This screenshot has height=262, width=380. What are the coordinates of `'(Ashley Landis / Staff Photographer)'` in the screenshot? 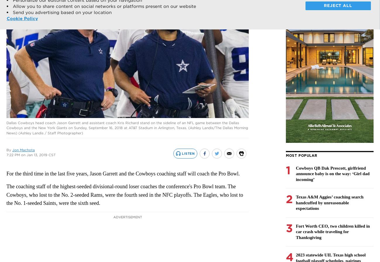 It's located at (51, 133).